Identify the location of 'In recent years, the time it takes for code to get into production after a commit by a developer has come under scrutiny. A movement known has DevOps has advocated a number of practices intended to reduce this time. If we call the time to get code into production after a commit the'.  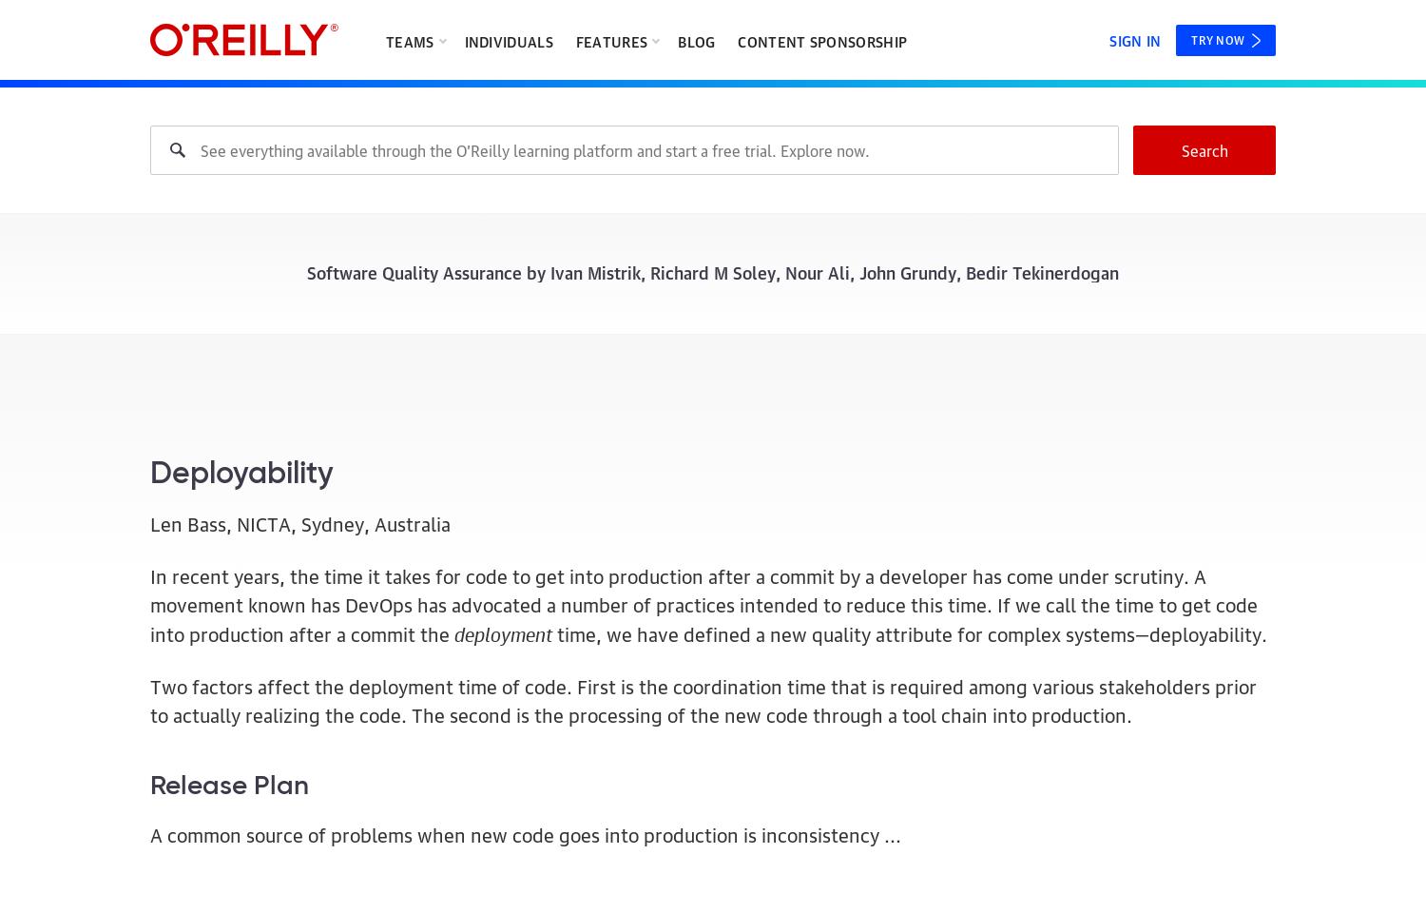
(703, 603).